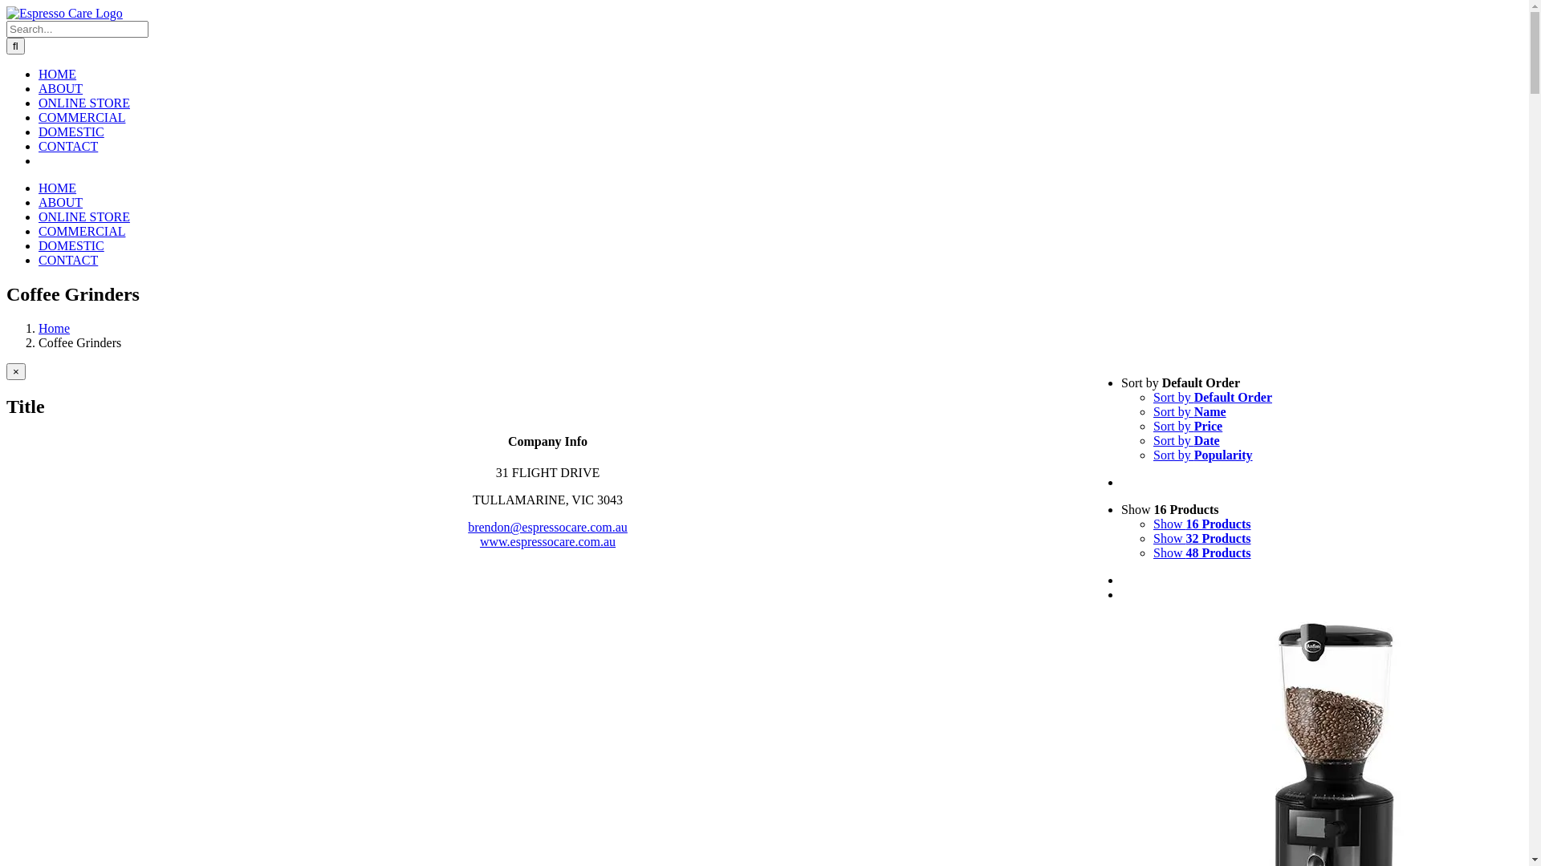 The height and width of the screenshot is (866, 1541). What do you see at coordinates (1201, 538) in the screenshot?
I see `'Show 32 Products'` at bounding box center [1201, 538].